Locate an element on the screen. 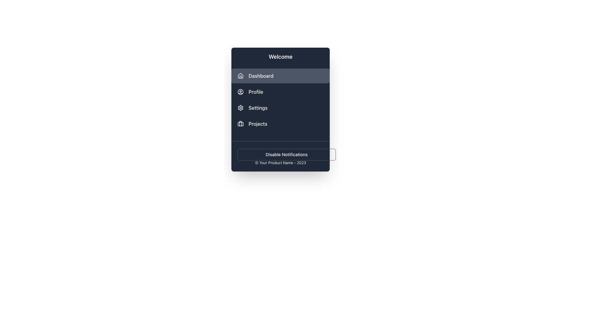 The width and height of the screenshot is (590, 332). the 'Settings' button, which is the third option in the vertical navigation menu is located at coordinates (280, 108).